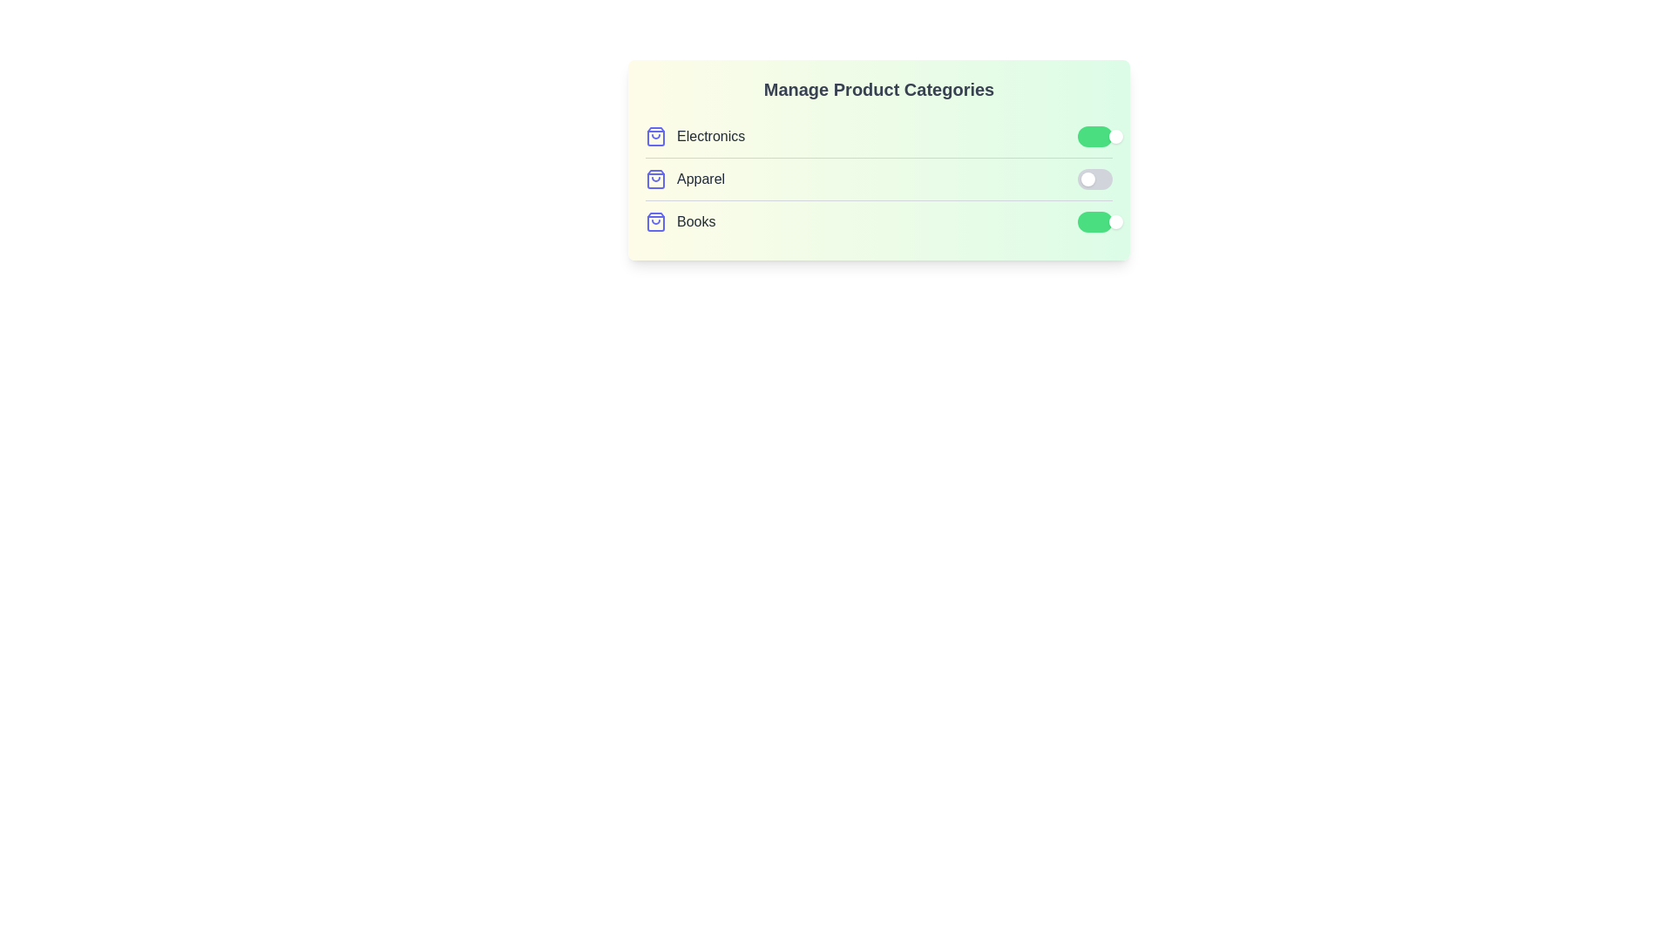 Image resolution: width=1673 pixels, height=941 pixels. What do you see at coordinates (655, 179) in the screenshot?
I see `the 'ShoppingBag' icon next to the category Apparel` at bounding box center [655, 179].